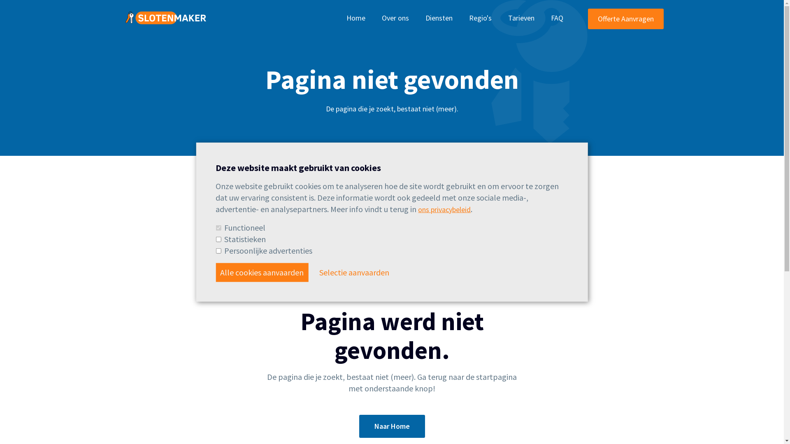 Image resolution: width=790 pixels, height=444 pixels. What do you see at coordinates (438, 18) in the screenshot?
I see `'Diensten'` at bounding box center [438, 18].